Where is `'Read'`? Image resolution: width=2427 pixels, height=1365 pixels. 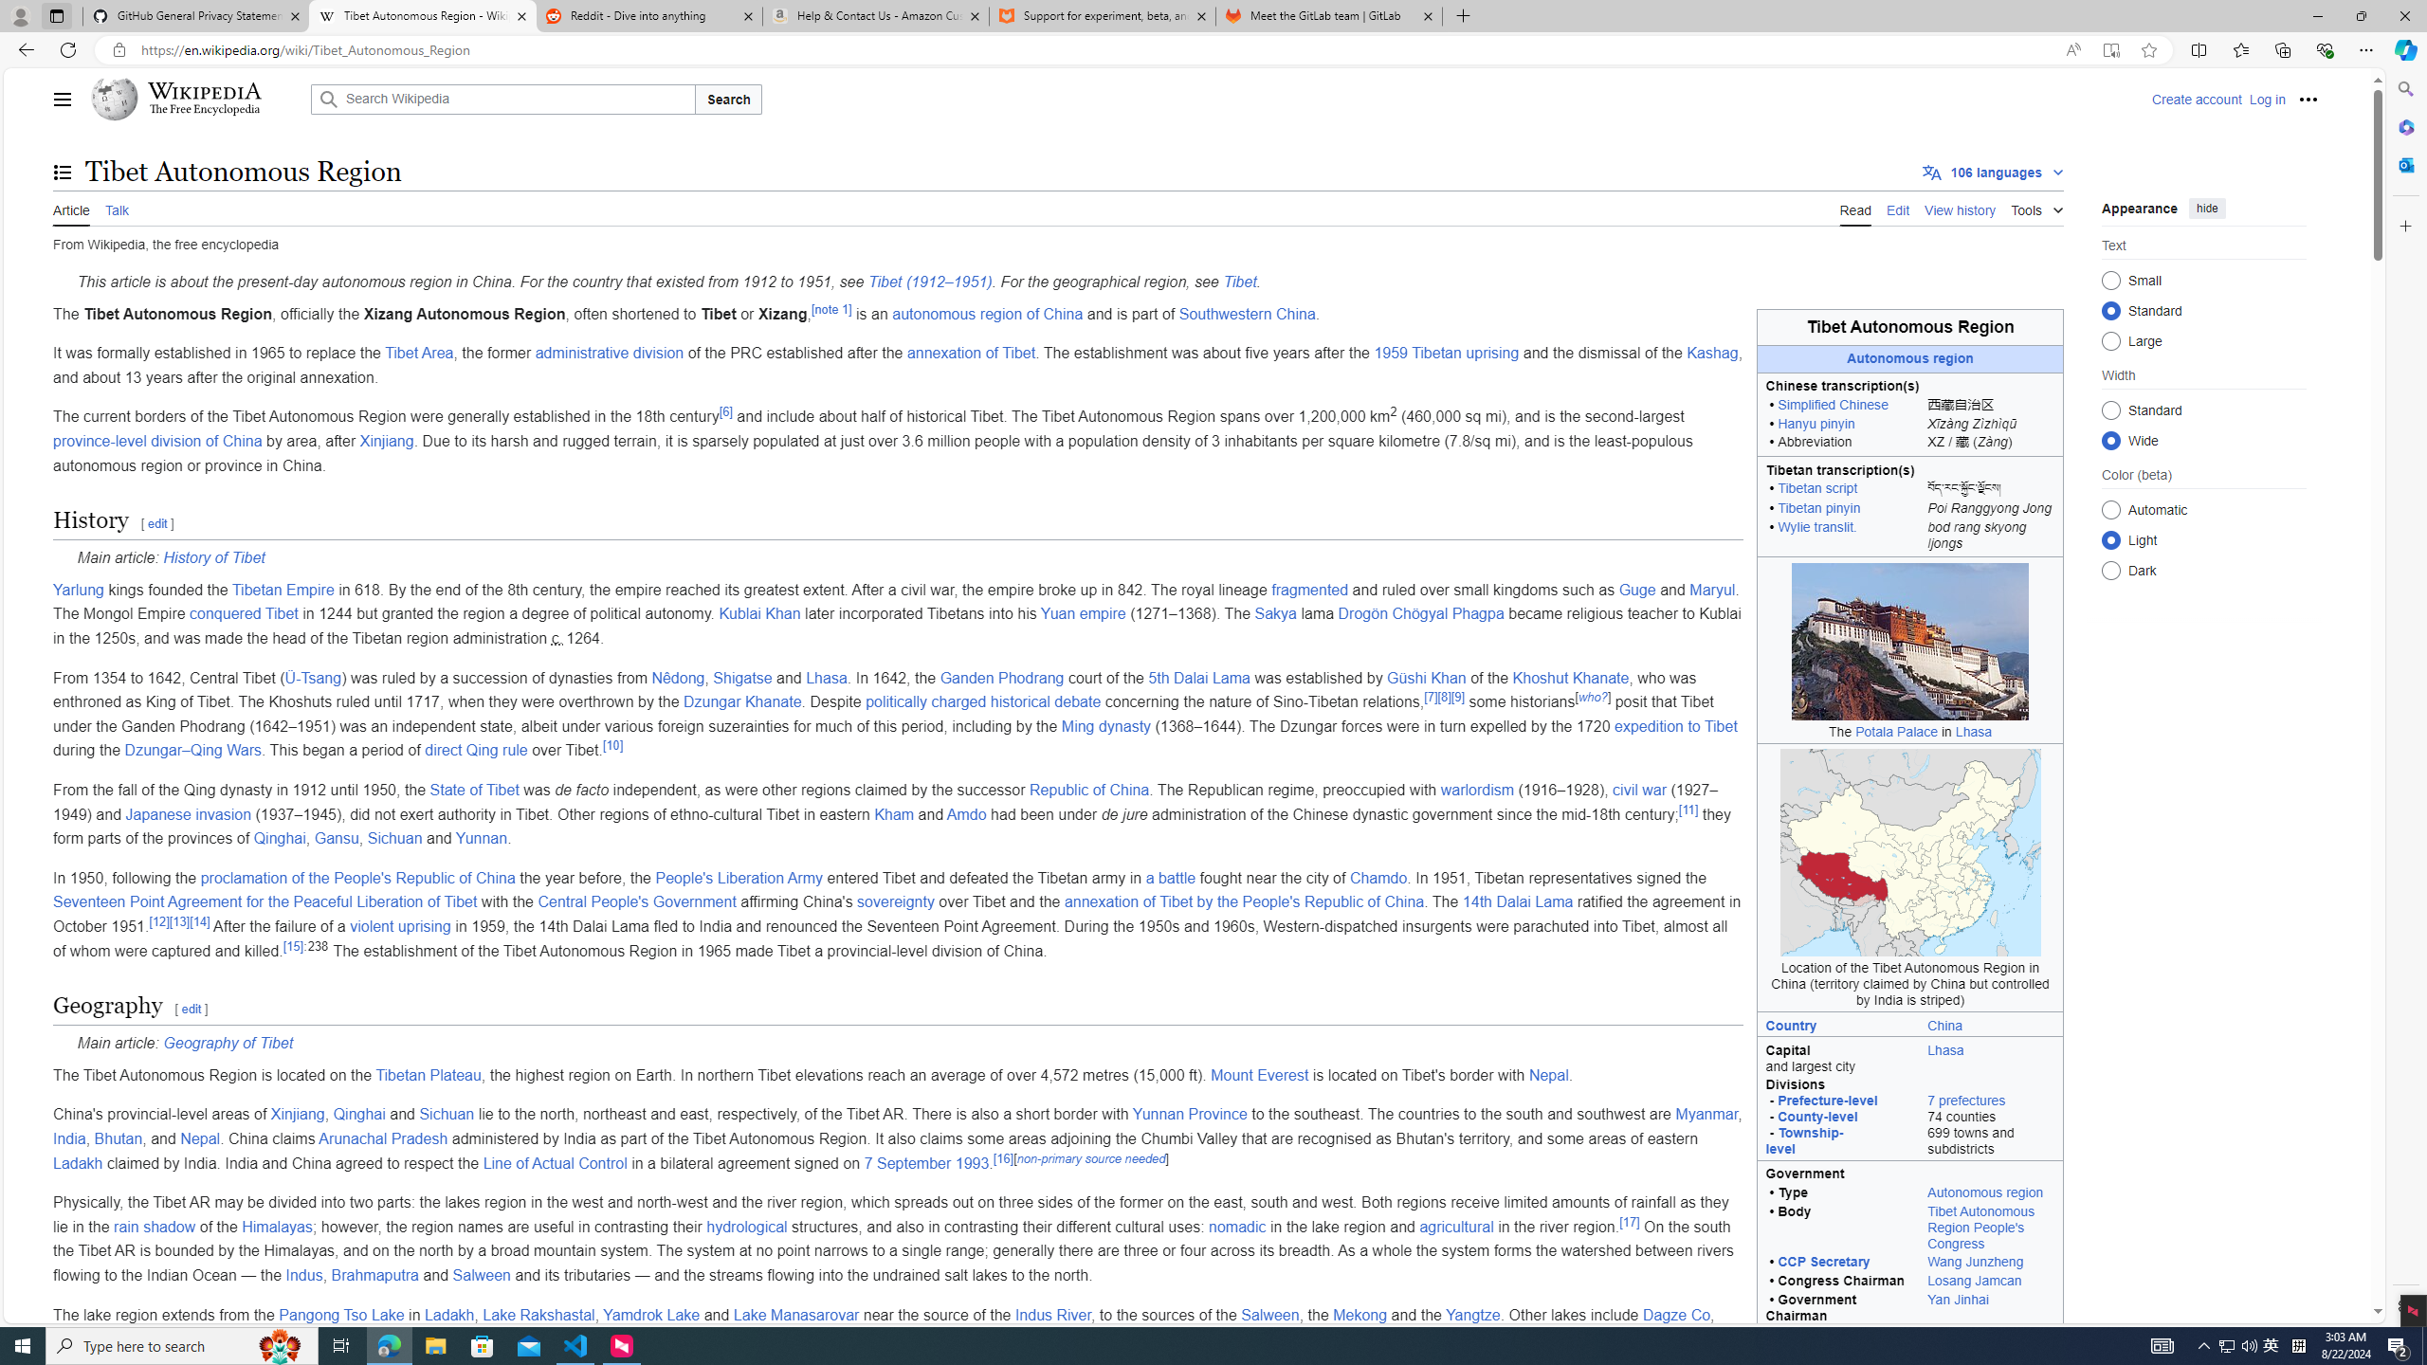 'Read' is located at coordinates (1854, 208).